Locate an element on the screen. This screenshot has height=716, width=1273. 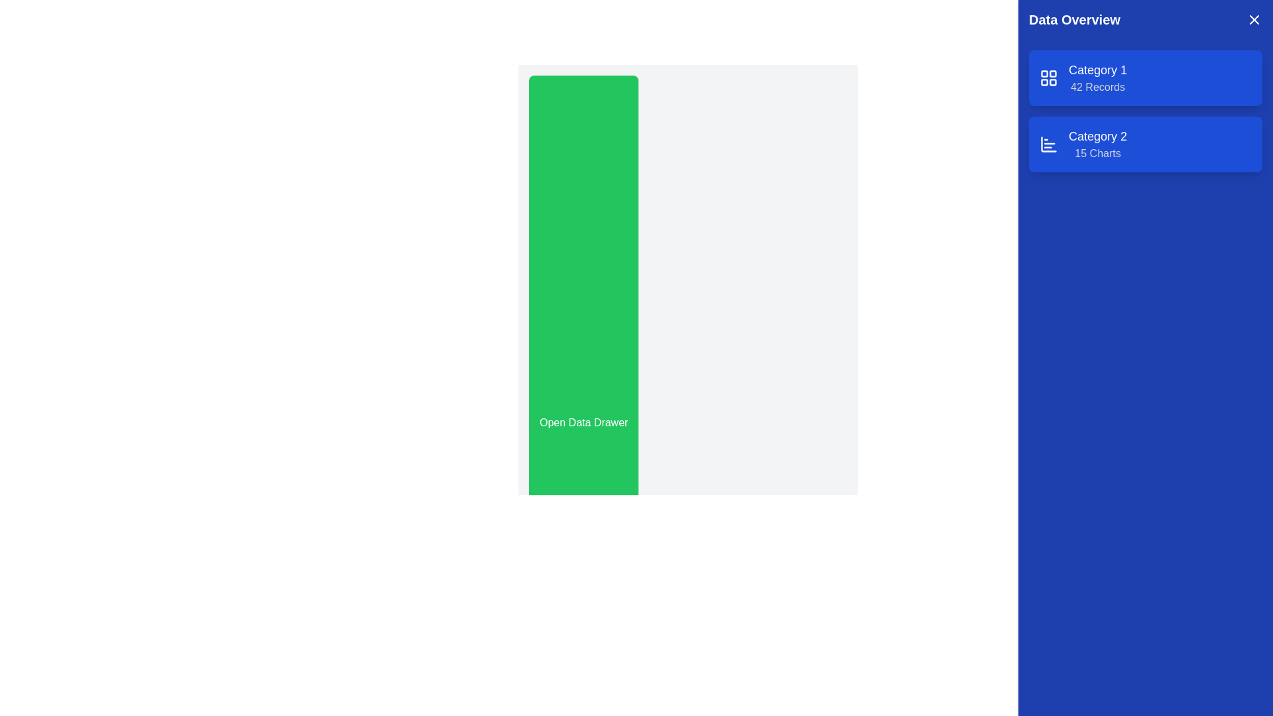
the icon of Category 2 to interact with it is located at coordinates (1048, 145).